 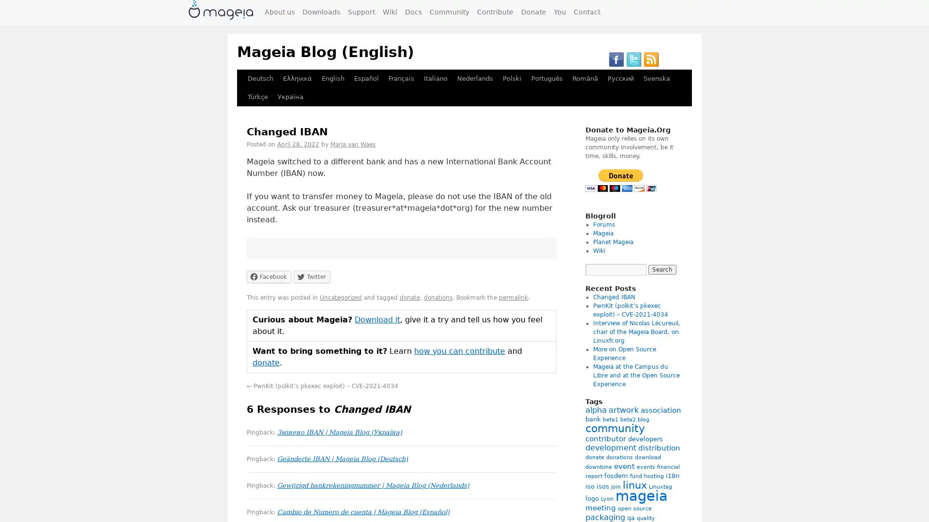 I want to click on Search, so click(x=661, y=270).